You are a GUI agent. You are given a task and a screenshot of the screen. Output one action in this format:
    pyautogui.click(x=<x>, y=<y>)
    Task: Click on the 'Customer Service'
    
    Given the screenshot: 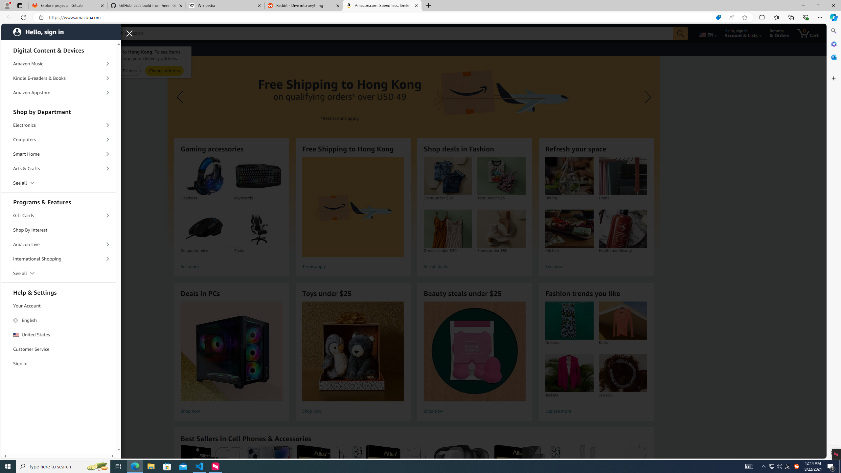 What is the action you would take?
    pyautogui.click(x=59, y=349)
    